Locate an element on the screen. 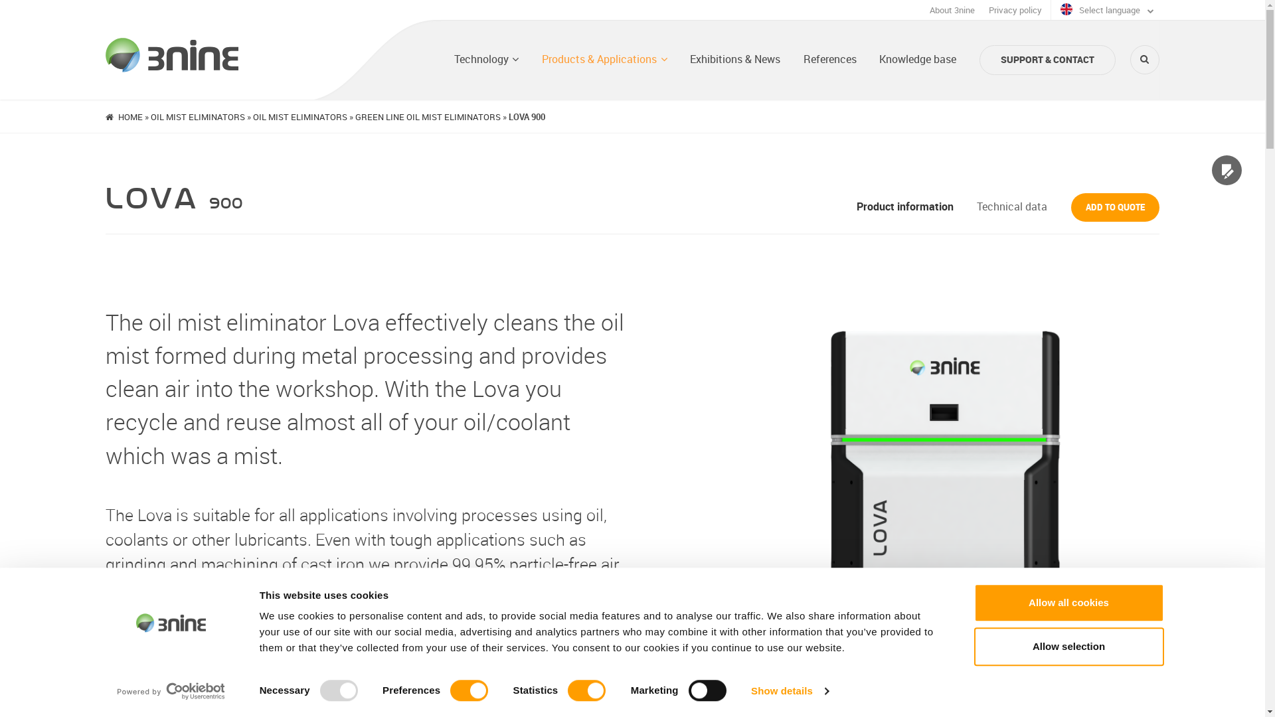 This screenshot has height=717, width=1275. 'SUPPORT & CONTACT' is located at coordinates (1047, 60).